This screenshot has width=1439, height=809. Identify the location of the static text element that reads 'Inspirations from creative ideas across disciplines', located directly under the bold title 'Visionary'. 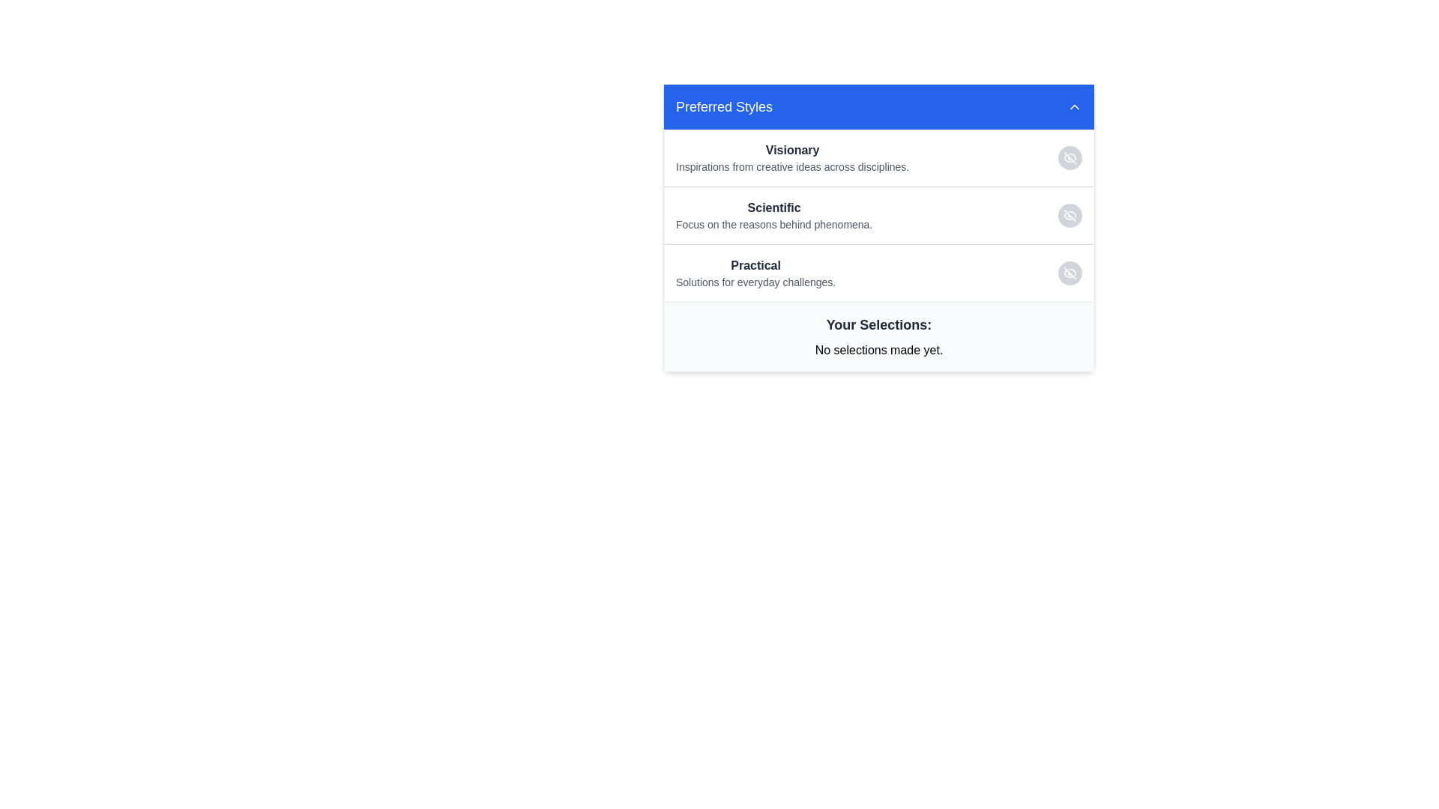
(791, 167).